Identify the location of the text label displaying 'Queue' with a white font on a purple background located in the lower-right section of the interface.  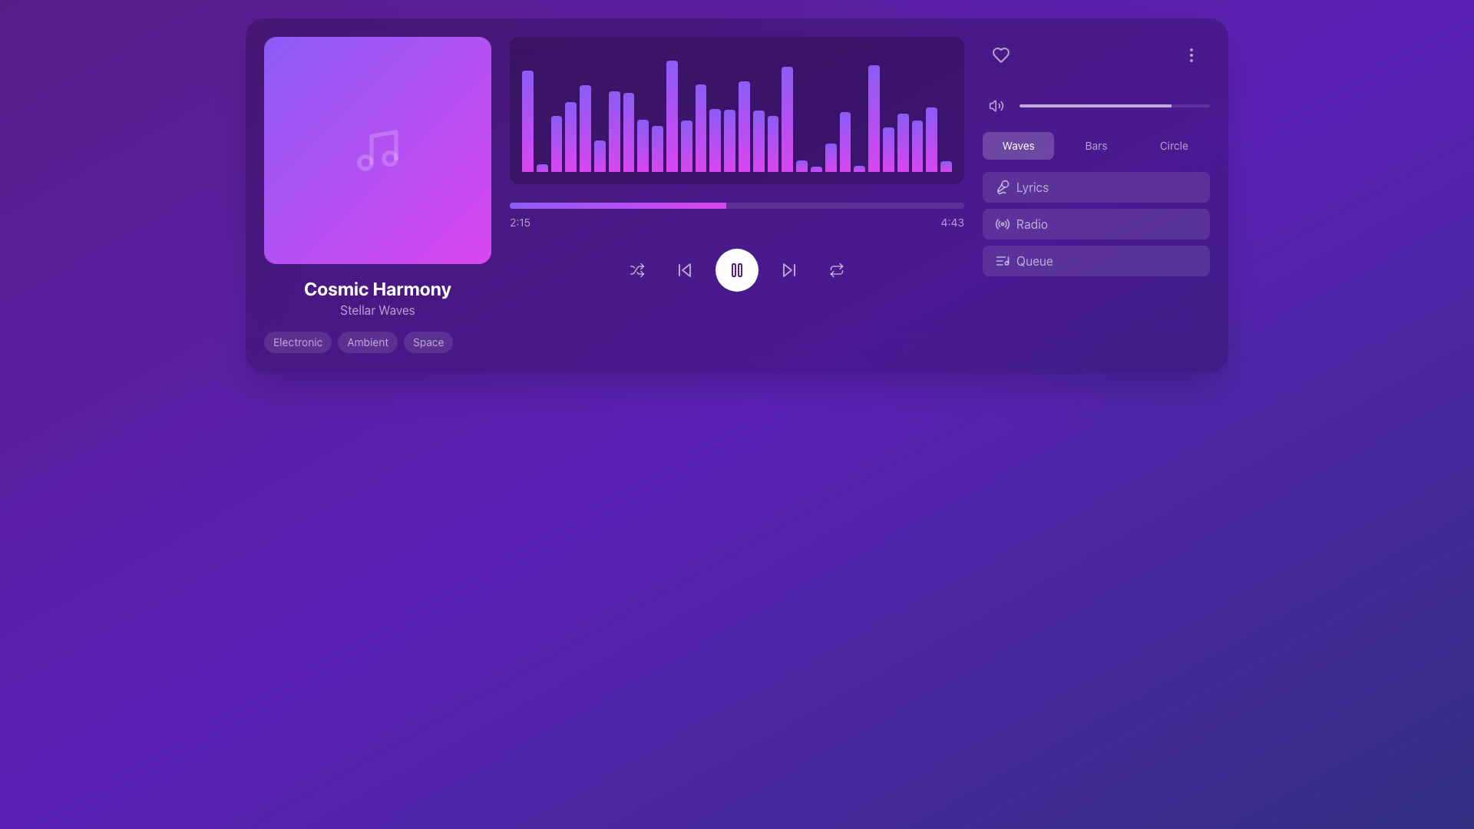
(1034, 259).